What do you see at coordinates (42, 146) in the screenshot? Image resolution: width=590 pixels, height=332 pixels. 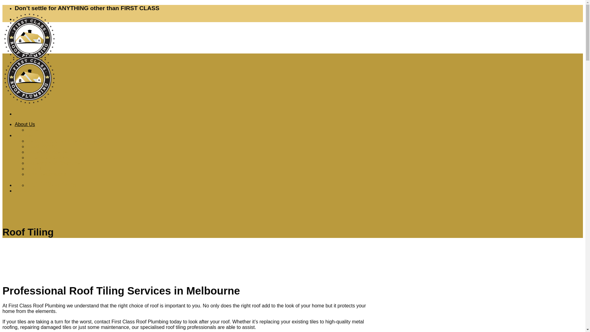 I see `'Metal Roofing'` at bounding box center [42, 146].